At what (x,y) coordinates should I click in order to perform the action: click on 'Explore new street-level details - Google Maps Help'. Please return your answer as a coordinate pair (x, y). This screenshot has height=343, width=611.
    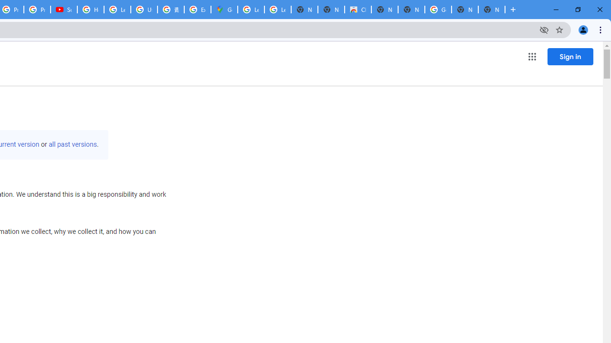
    Looking at the image, I should click on (197, 10).